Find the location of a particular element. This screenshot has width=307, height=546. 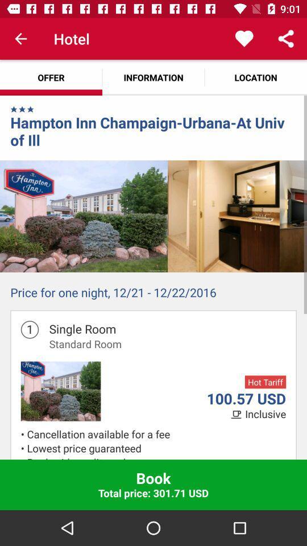

the item to the left of hotel app is located at coordinates (20, 39).